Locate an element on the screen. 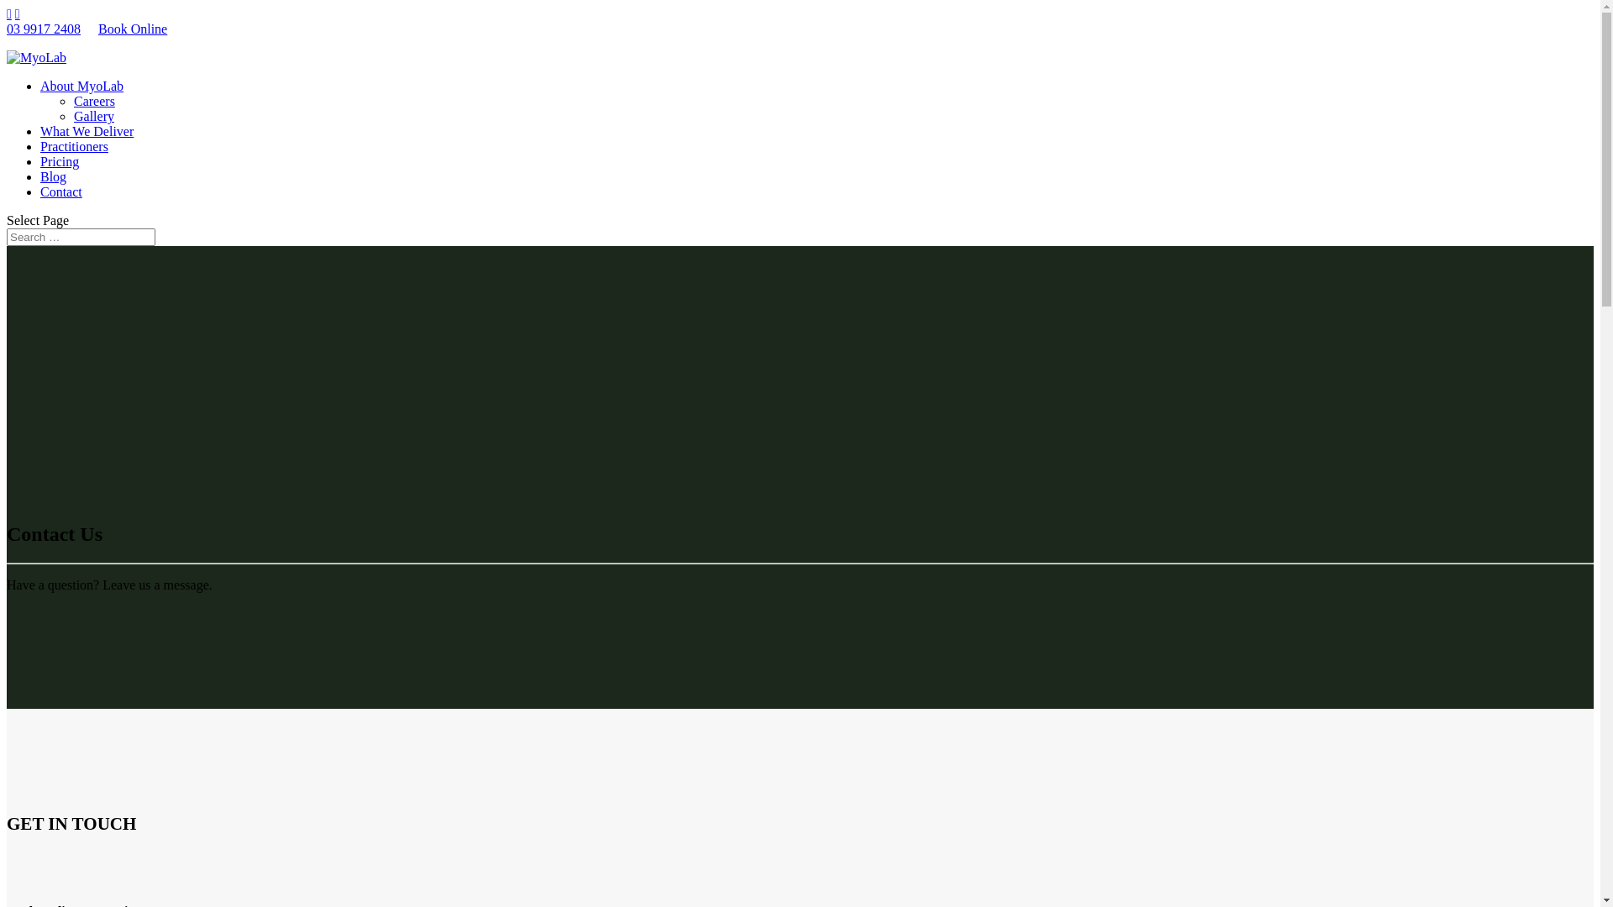  'Pricing' is located at coordinates (60, 161).